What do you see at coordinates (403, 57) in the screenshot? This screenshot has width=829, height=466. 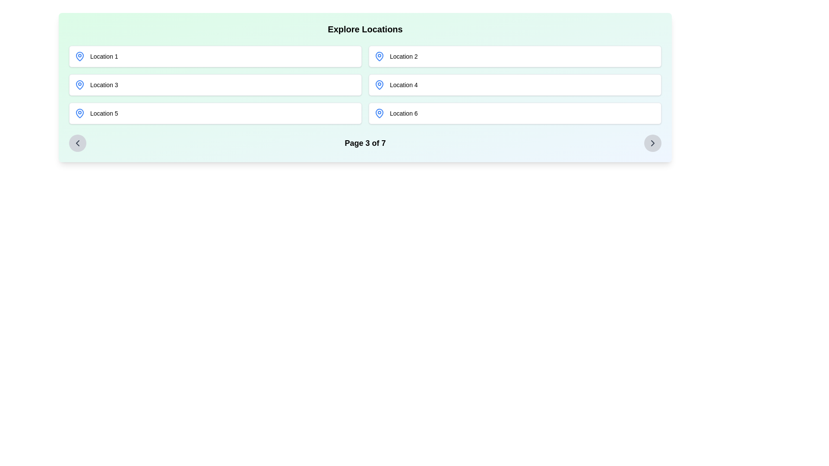 I see `text content of the 'Location 2' label, which is positioned in the top-right section of its associated interactive card in the grid list` at bounding box center [403, 57].